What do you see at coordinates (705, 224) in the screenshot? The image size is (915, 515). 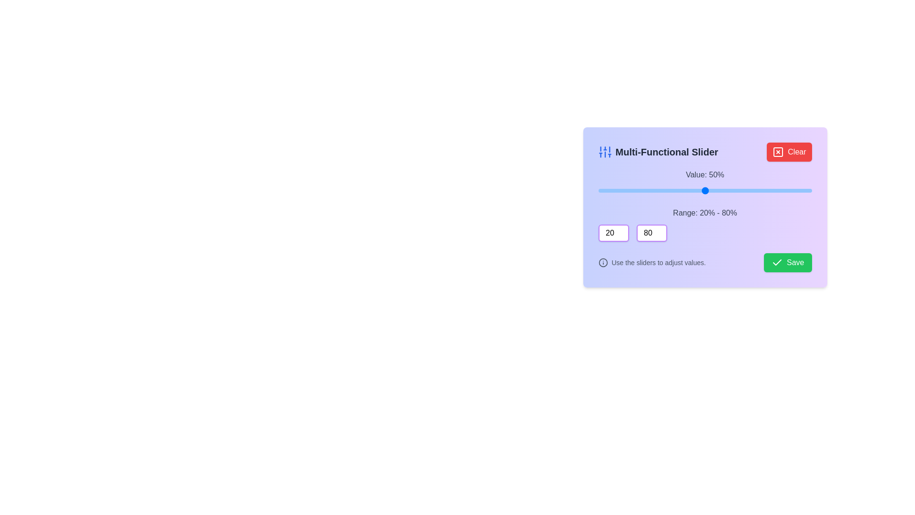 I see `the text label that provides information about the acceptable range of the slider values, located below the slider labeled 'Value: 50%'` at bounding box center [705, 224].